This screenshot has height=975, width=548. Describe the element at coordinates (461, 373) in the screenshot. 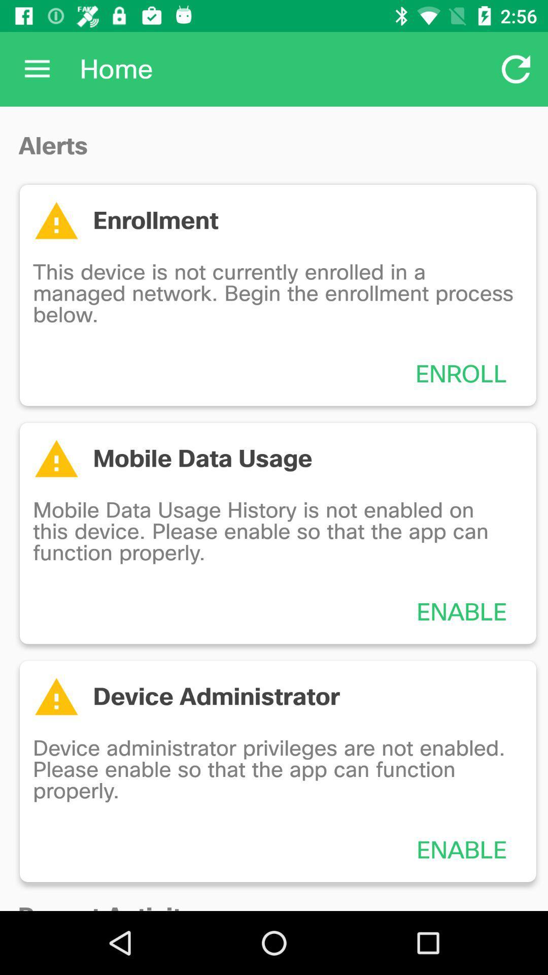

I see `item above mobile data usage item` at that location.